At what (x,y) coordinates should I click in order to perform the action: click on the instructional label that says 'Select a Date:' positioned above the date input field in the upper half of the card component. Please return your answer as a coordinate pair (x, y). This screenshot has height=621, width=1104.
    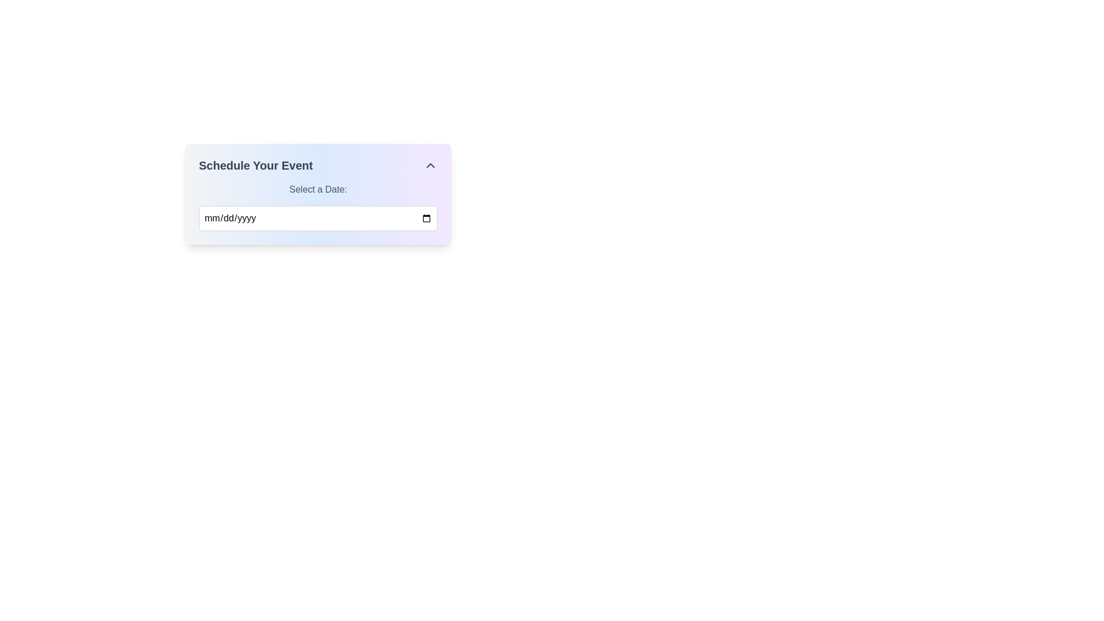
    Looking at the image, I should click on (318, 189).